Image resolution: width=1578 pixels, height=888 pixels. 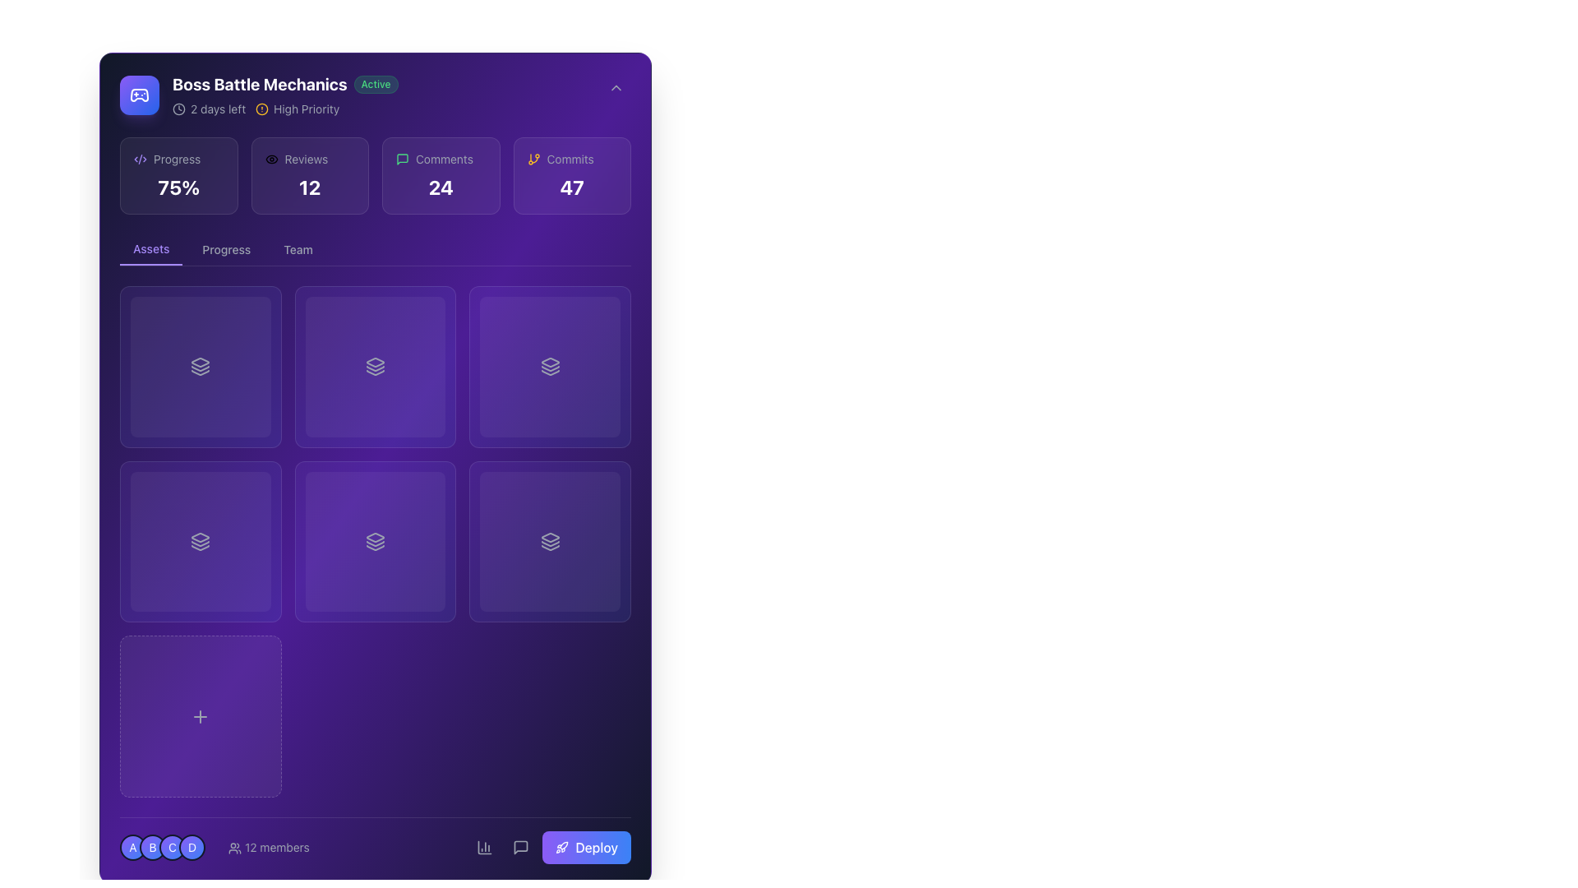 I want to click on the alert icon indicating 'High Priority' status located at the beginning of the label in the top-left corner of the application interface, so click(x=261, y=109).